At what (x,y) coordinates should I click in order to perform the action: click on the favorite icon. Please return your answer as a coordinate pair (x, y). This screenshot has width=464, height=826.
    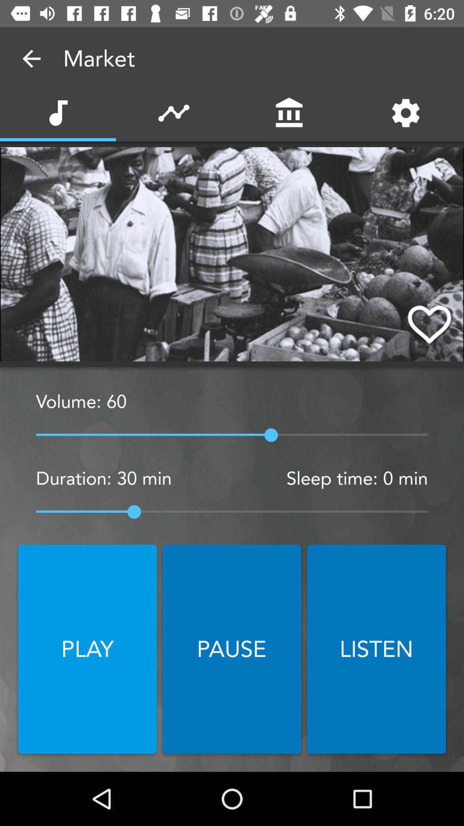
    Looking at the image, I should click on (429, 323).